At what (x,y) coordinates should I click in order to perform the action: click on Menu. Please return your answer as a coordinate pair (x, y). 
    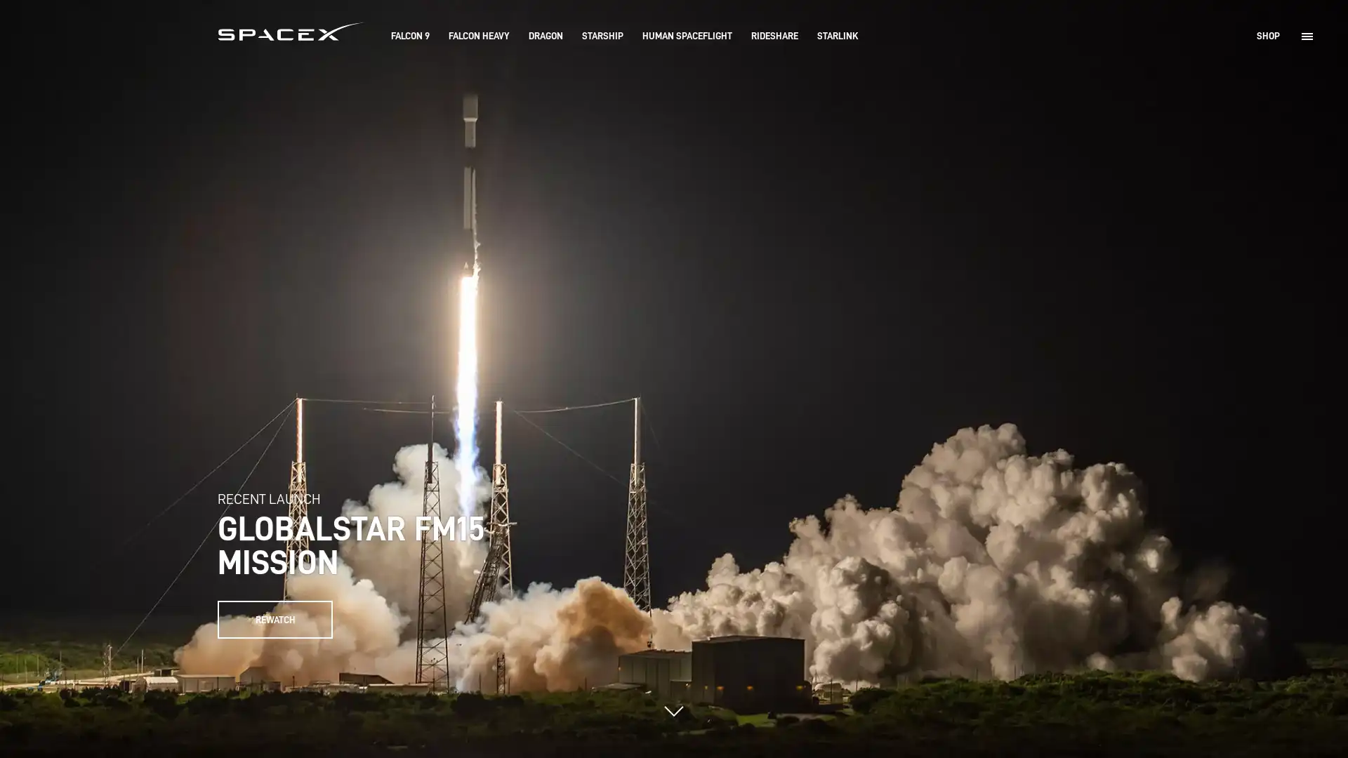
    Looking at the image, I should click on (1307, 35).